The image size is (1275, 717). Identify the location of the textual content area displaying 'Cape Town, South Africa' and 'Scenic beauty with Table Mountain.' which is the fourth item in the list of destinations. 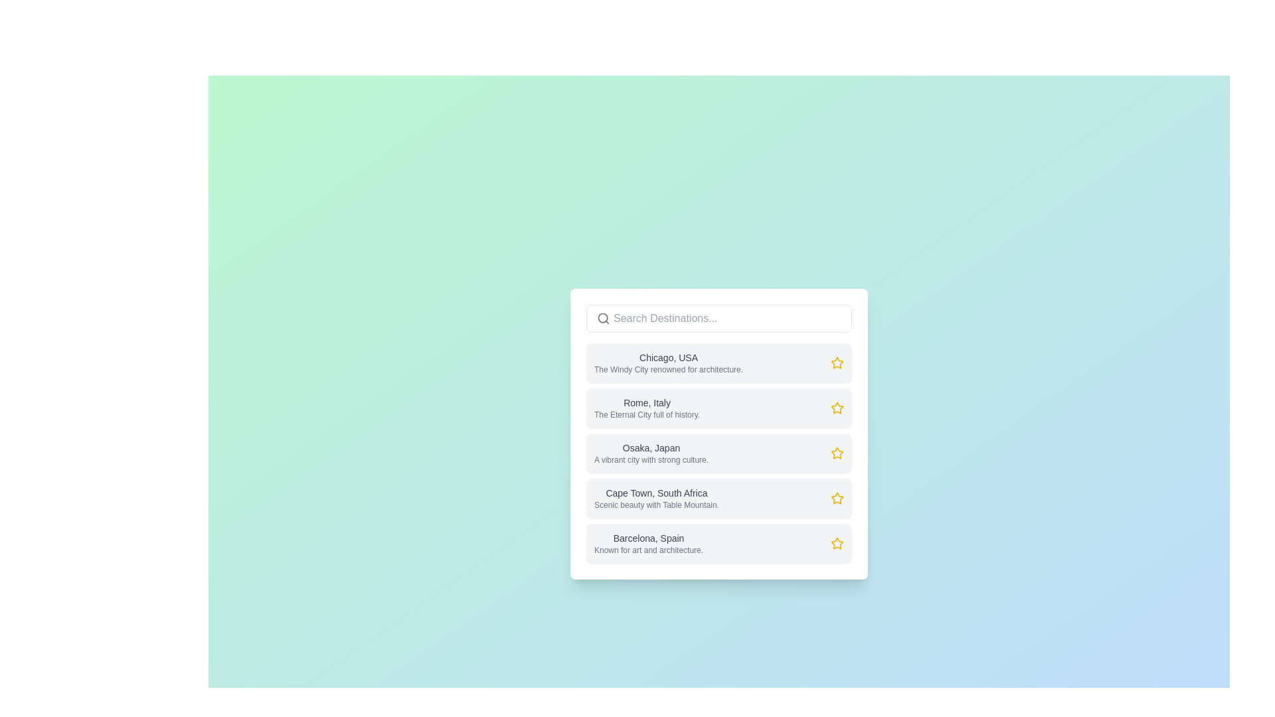
(656, 499).